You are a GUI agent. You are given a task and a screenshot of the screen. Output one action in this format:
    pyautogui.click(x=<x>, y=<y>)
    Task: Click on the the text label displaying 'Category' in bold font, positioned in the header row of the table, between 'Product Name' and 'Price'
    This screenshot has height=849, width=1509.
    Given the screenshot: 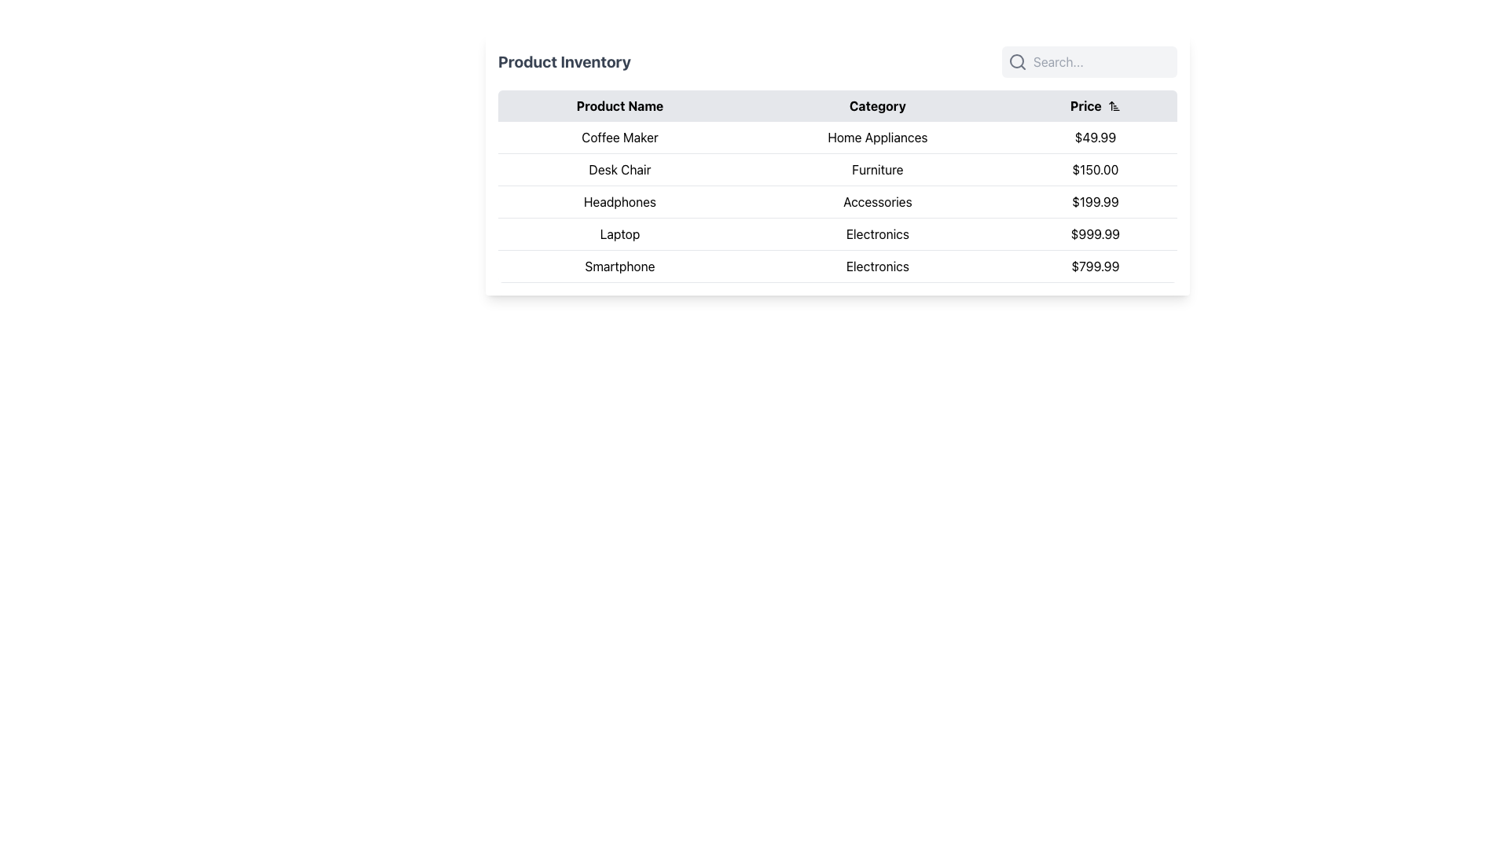 What is the action you would take?
    pyautogui.click(x=876, y=106)
    